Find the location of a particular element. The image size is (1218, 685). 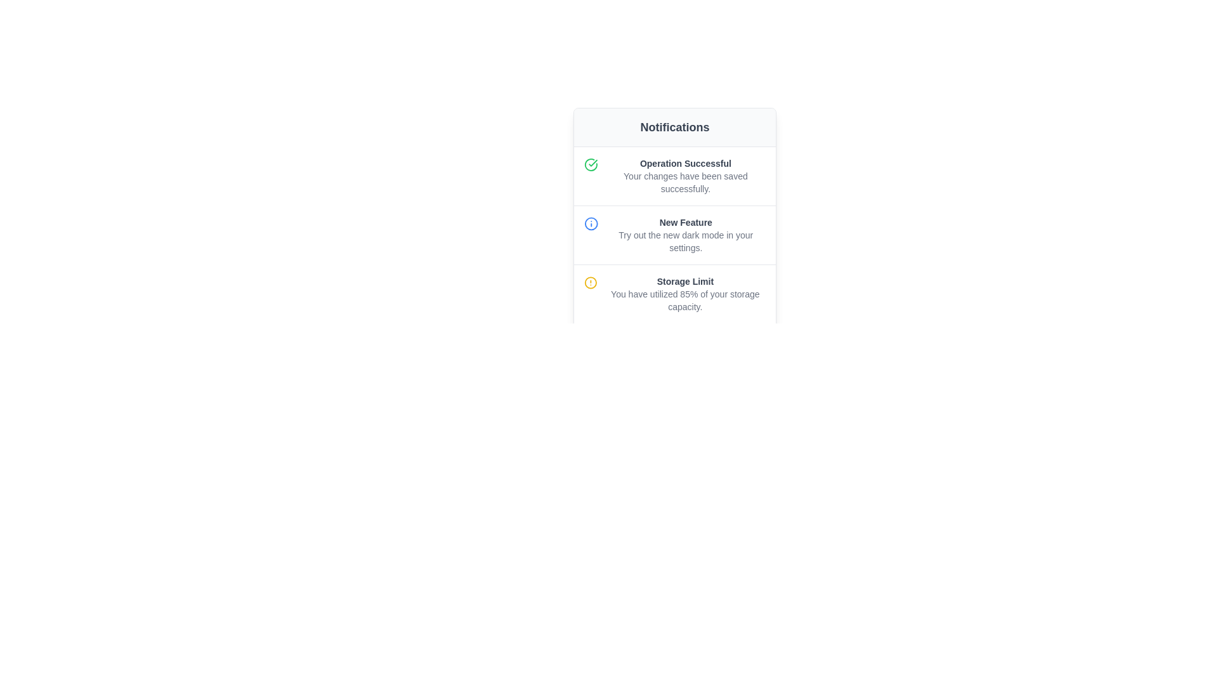

the header label of the notifications panel, which indicates the context or content type is located at coordinates (674, 127).